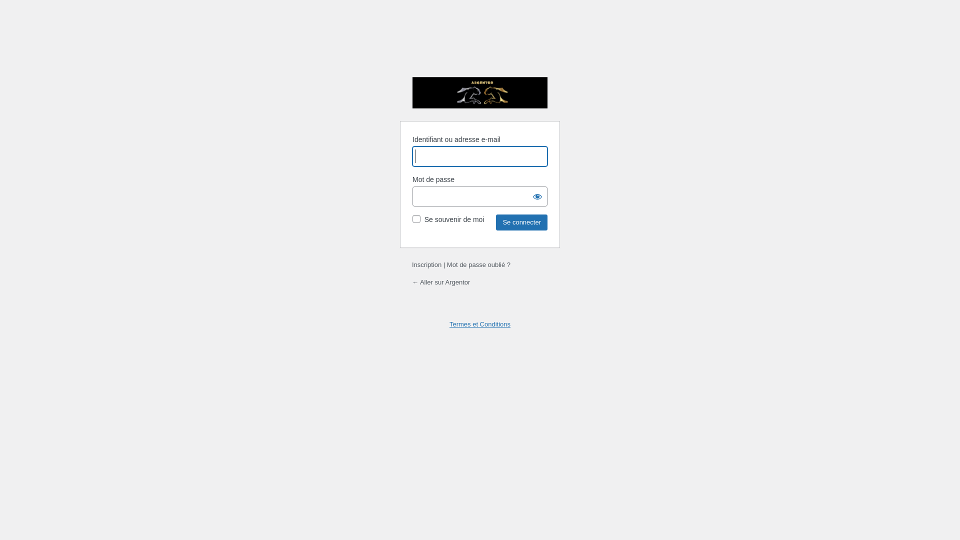  Describe the element at coordinates (480, 324) in the screenshot. I see `'Termes et Conditions'` at that location.